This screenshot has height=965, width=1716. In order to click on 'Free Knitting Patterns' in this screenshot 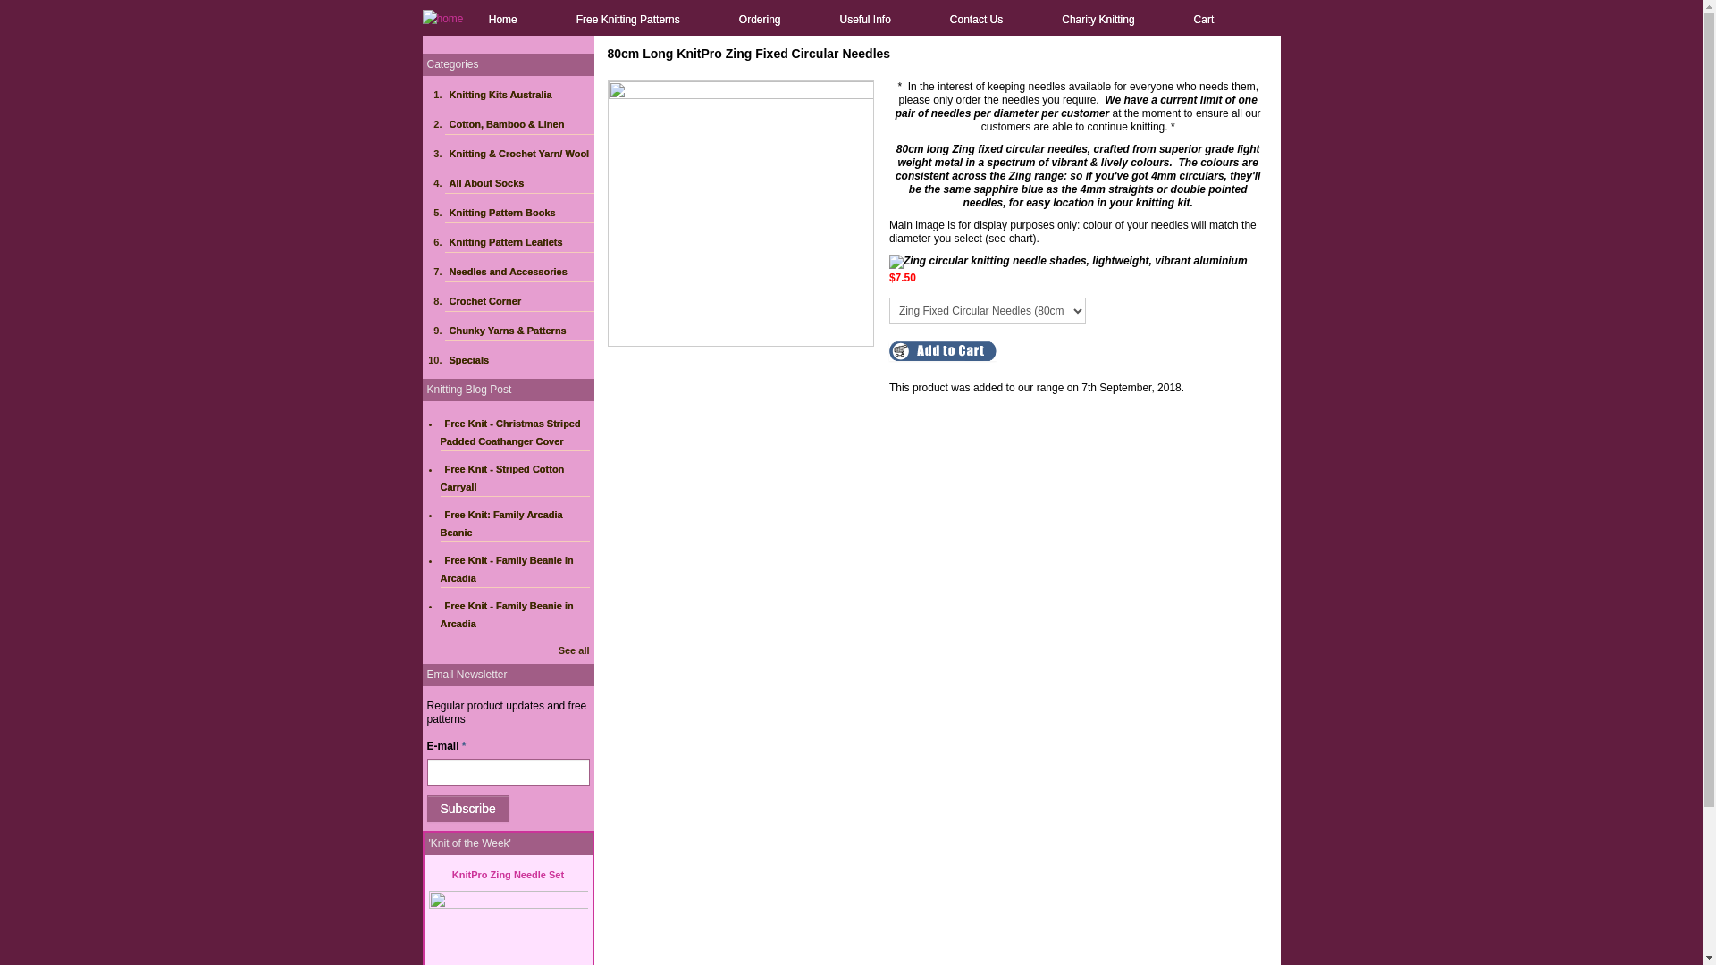, I will do `click(627, 20)`.